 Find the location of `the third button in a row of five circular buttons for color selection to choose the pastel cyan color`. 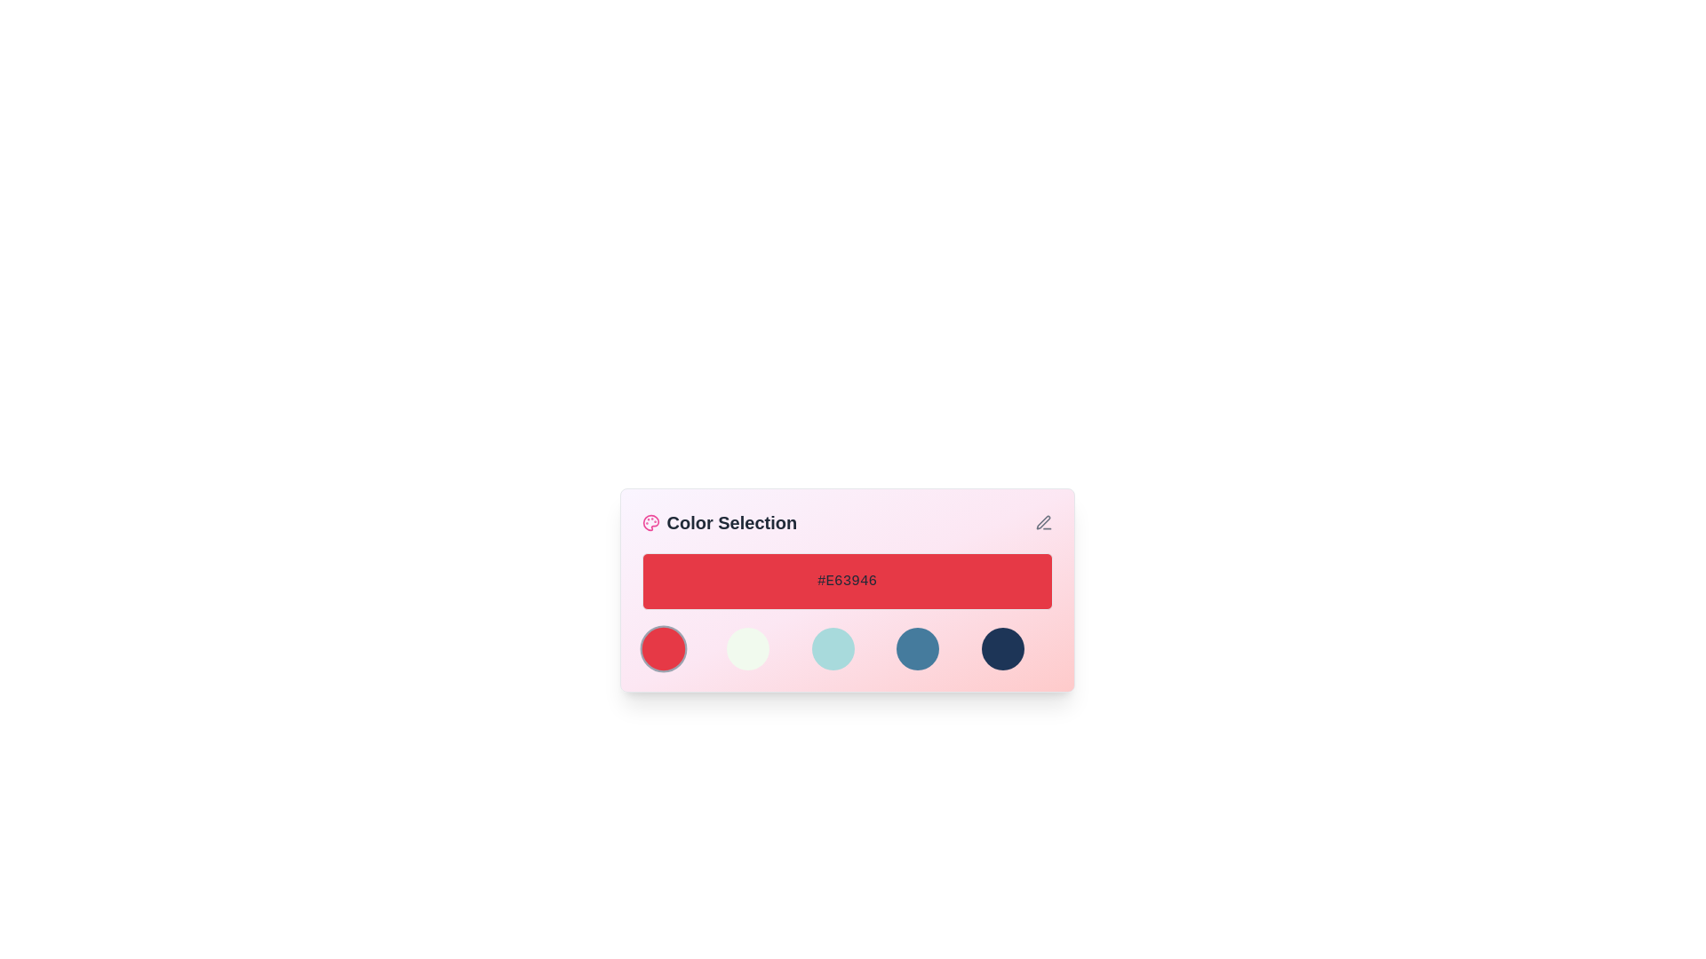

the third button in a row of five circular buttons for color selection to choose the pastel cyan color is located at coordinates (846, 649).